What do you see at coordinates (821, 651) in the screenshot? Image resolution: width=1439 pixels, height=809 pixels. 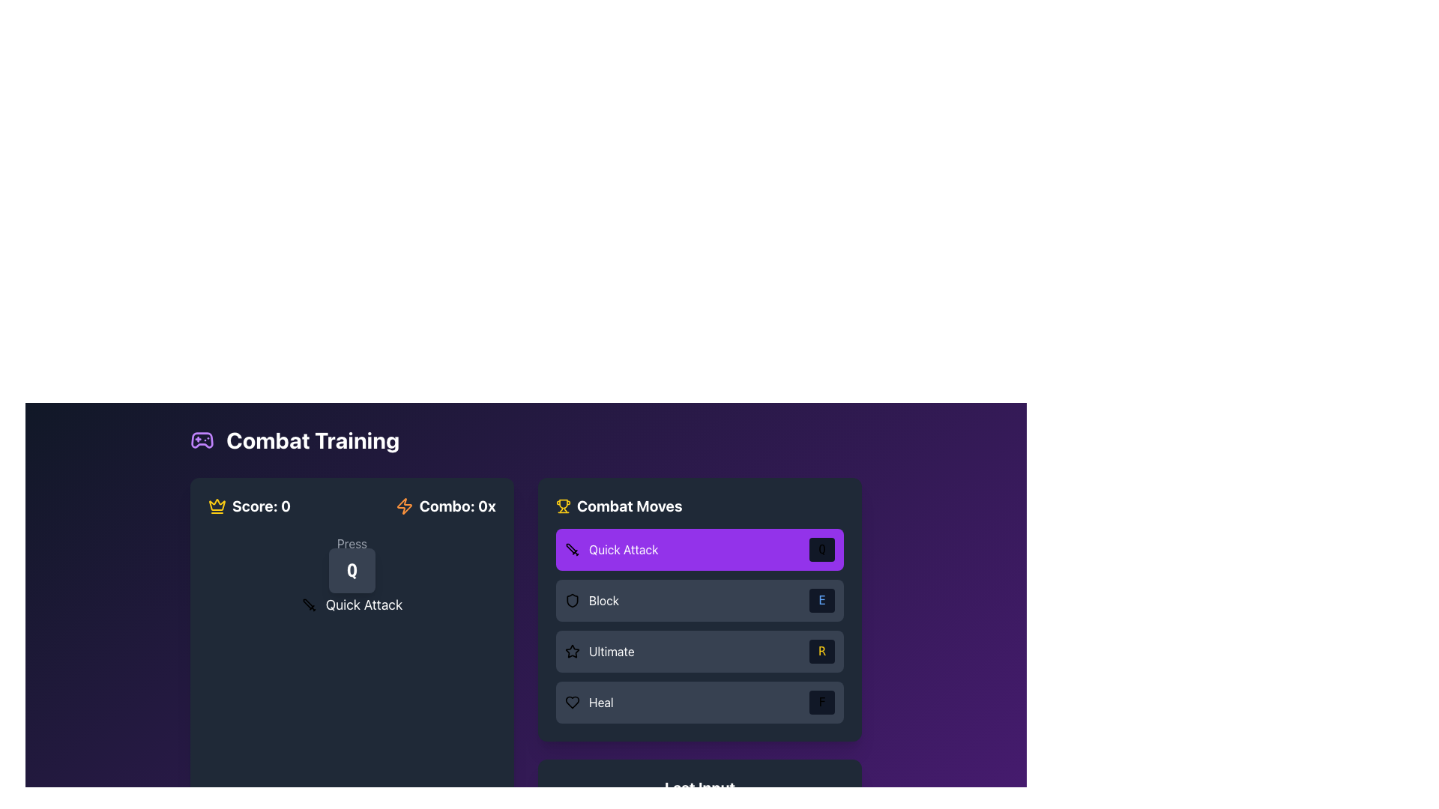 I see `the 'Ultimate' shortcut key indicator located in the bottom-right corner of the 'Ultimate' list item in the 'Combat Moves' section` at bounding box center [821, 651].